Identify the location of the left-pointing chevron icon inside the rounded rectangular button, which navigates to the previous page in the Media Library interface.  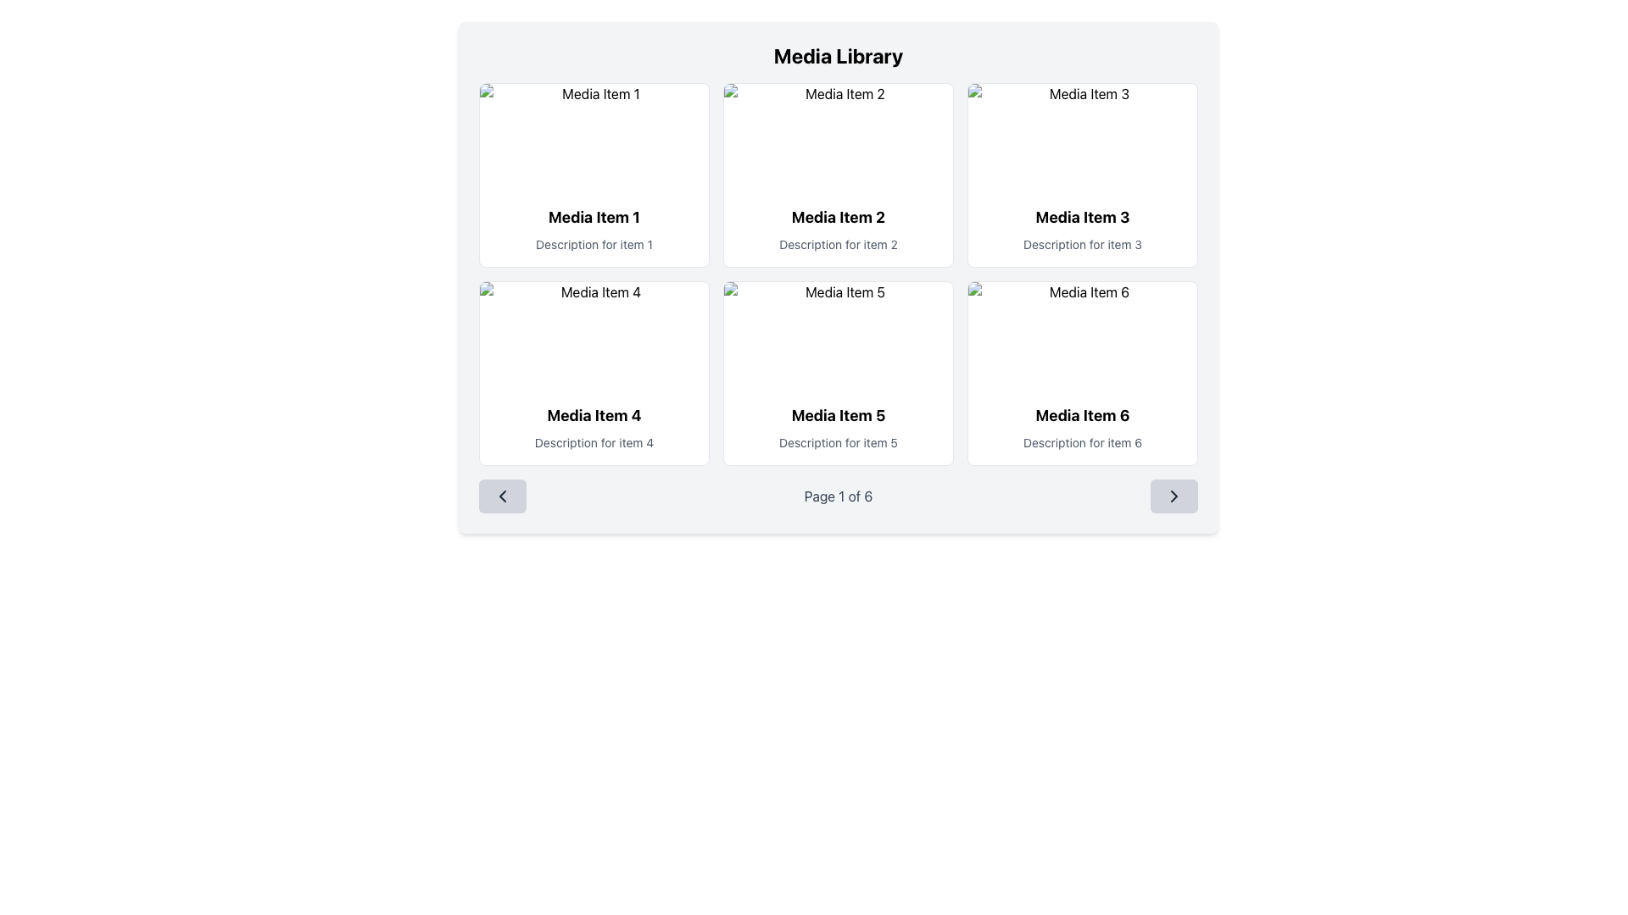
(502, 496).